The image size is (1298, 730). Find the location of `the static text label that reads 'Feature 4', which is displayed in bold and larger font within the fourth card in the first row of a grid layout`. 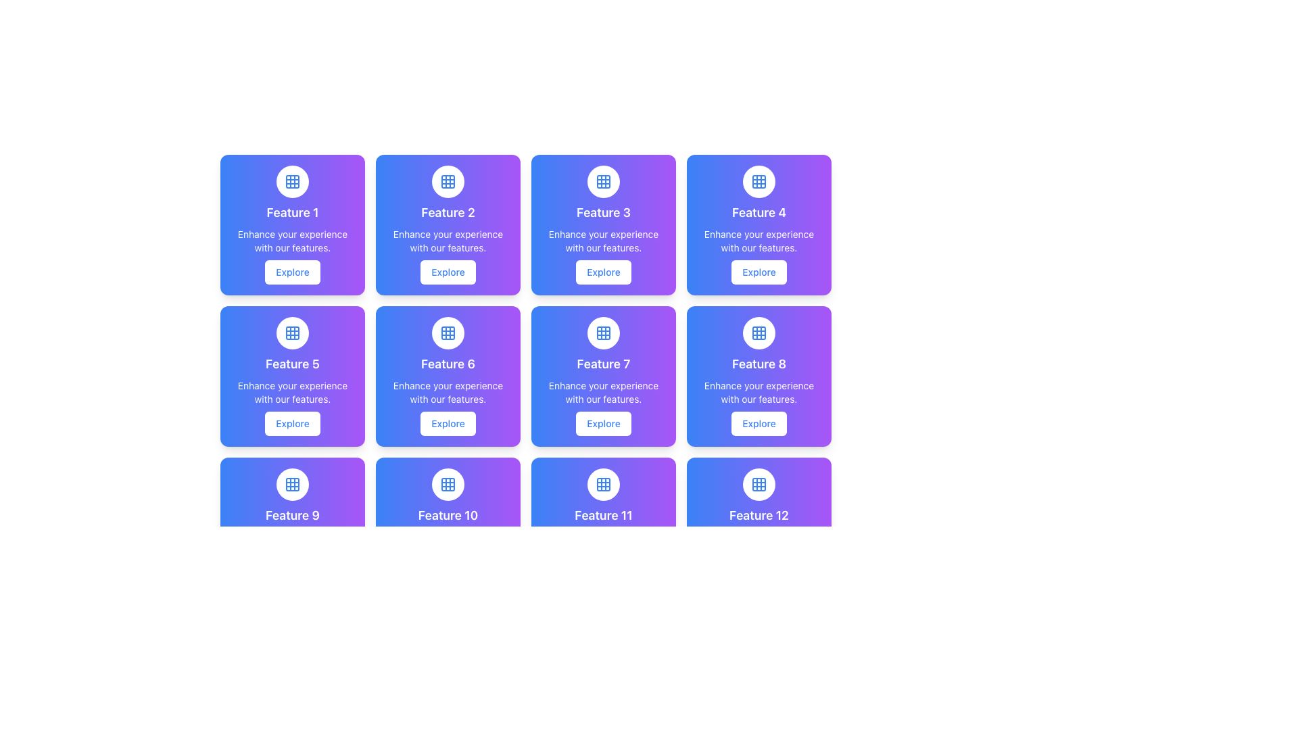

the static text label that reads 'Feature 4', which is displayed in bold and larger font within the fourth card in the first row of a grid layout is located at coordinates (759, 213).